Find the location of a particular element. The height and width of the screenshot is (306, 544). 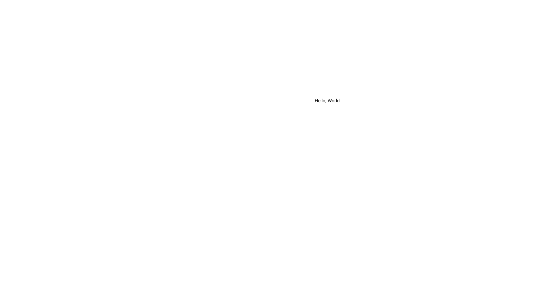

the static text label displaying 'Hello, World' to read the text is located at coordinates (327, 100).